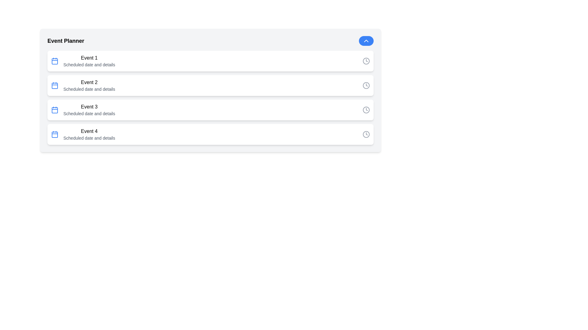 Image resolution: width=588 pixels, height=330 pixels. I want to click on the Text Display element that shows the title and description for 'Event 3', which is located inside the third event card in a list of four vertically aligned cards, so click(89, 109).